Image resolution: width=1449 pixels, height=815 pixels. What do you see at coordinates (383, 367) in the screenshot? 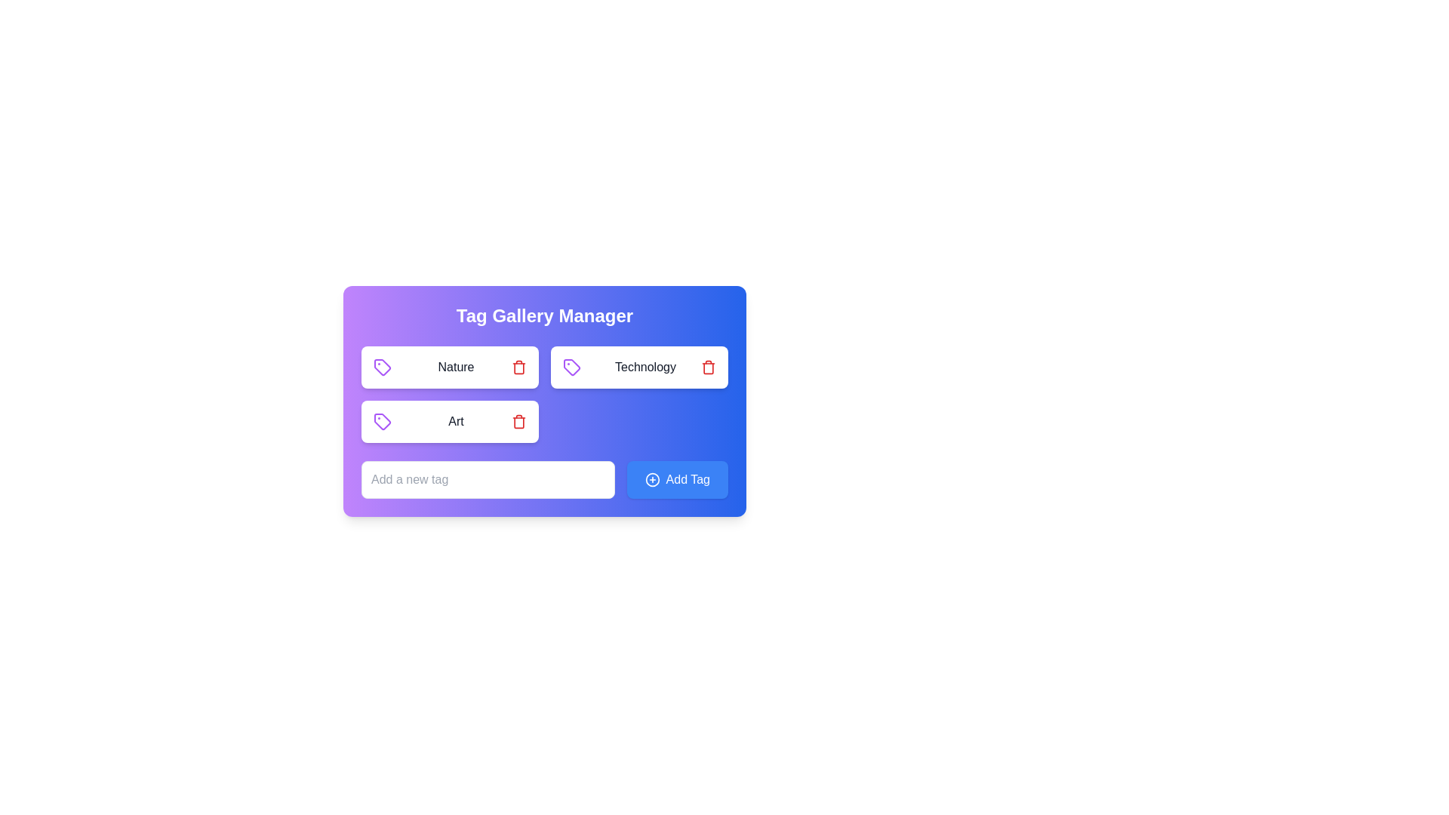
I see `the icon representing tagging or information related to the adjacent text, located below the 'Nature' tag icon and to the bottom-left of the 'Technology' element` at bounding box center [383, 367].